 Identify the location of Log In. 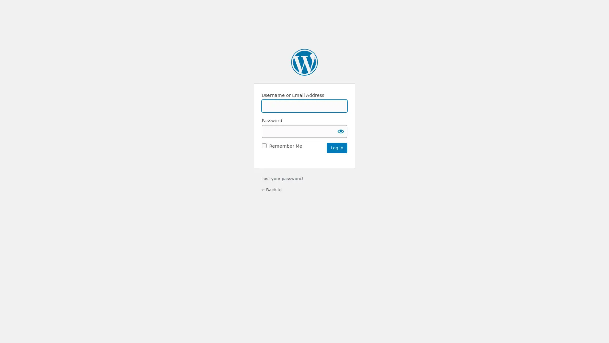
(337, 148).